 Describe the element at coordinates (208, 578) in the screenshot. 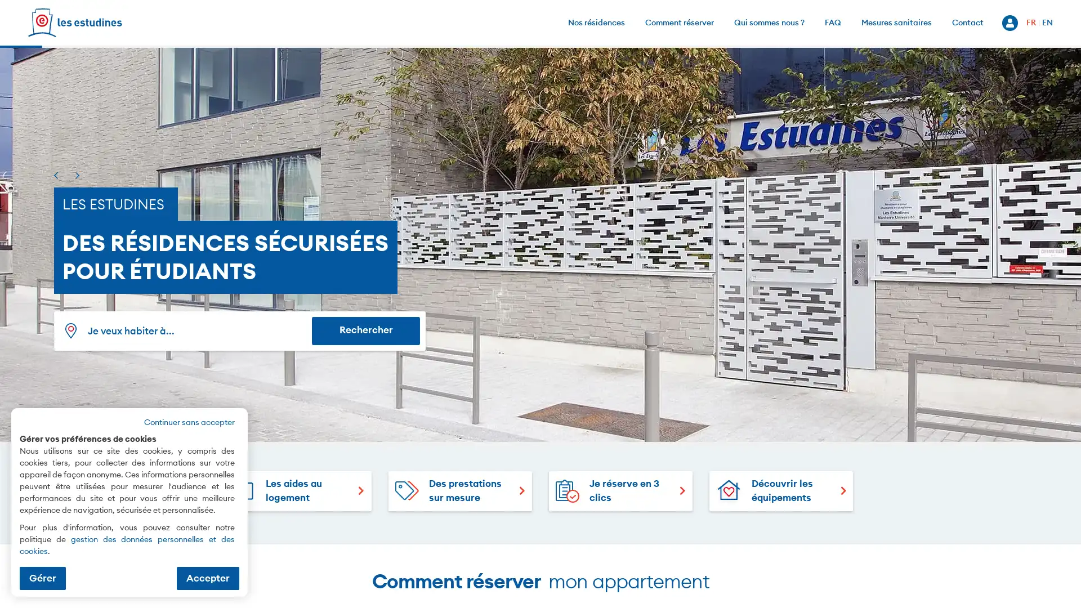

I see `Accepter` at that location.